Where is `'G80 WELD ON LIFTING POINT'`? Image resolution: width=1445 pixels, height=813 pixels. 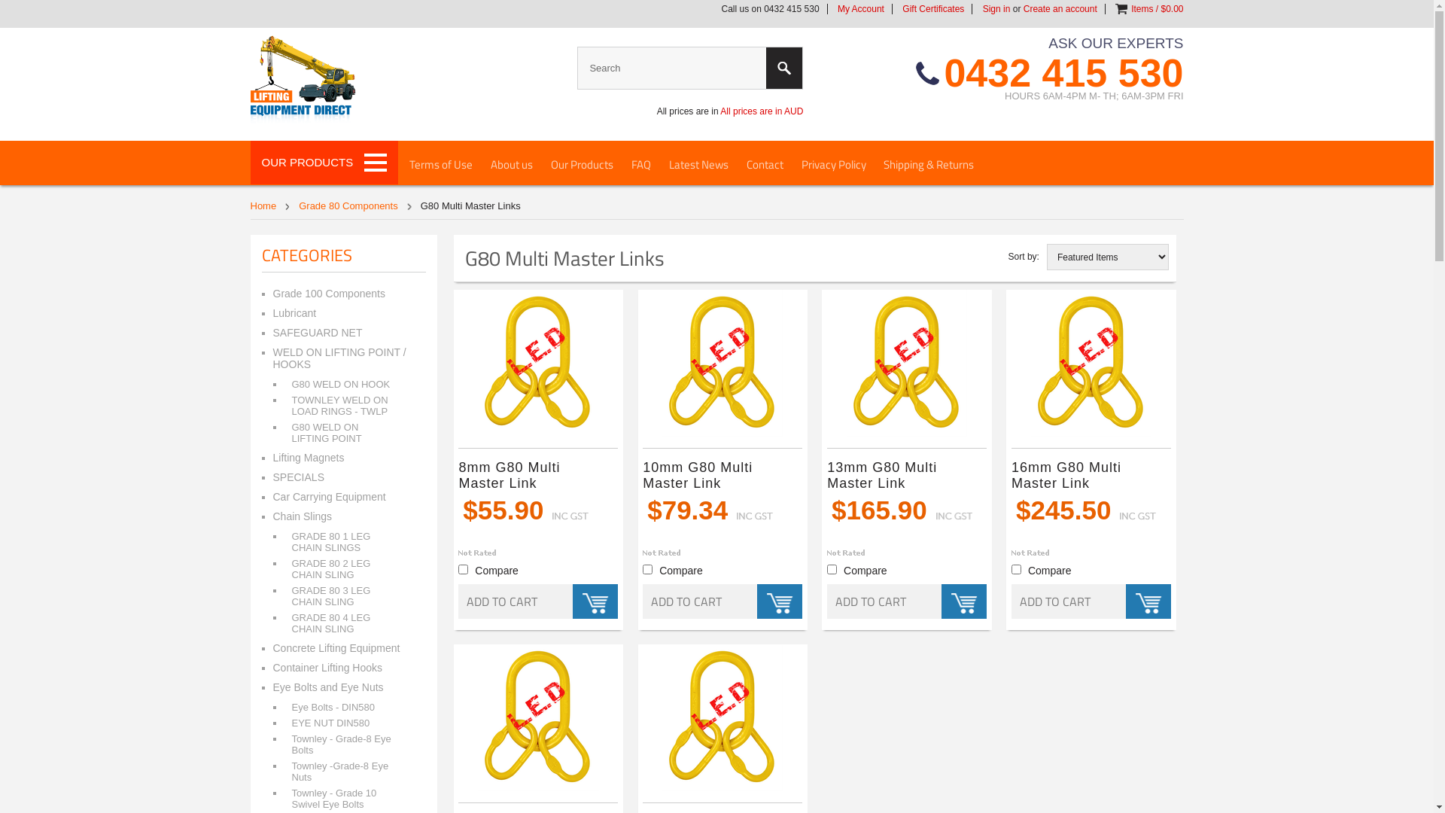
'G80 WELD ON LIFTING POINT' is located at coordinates (343, 432).